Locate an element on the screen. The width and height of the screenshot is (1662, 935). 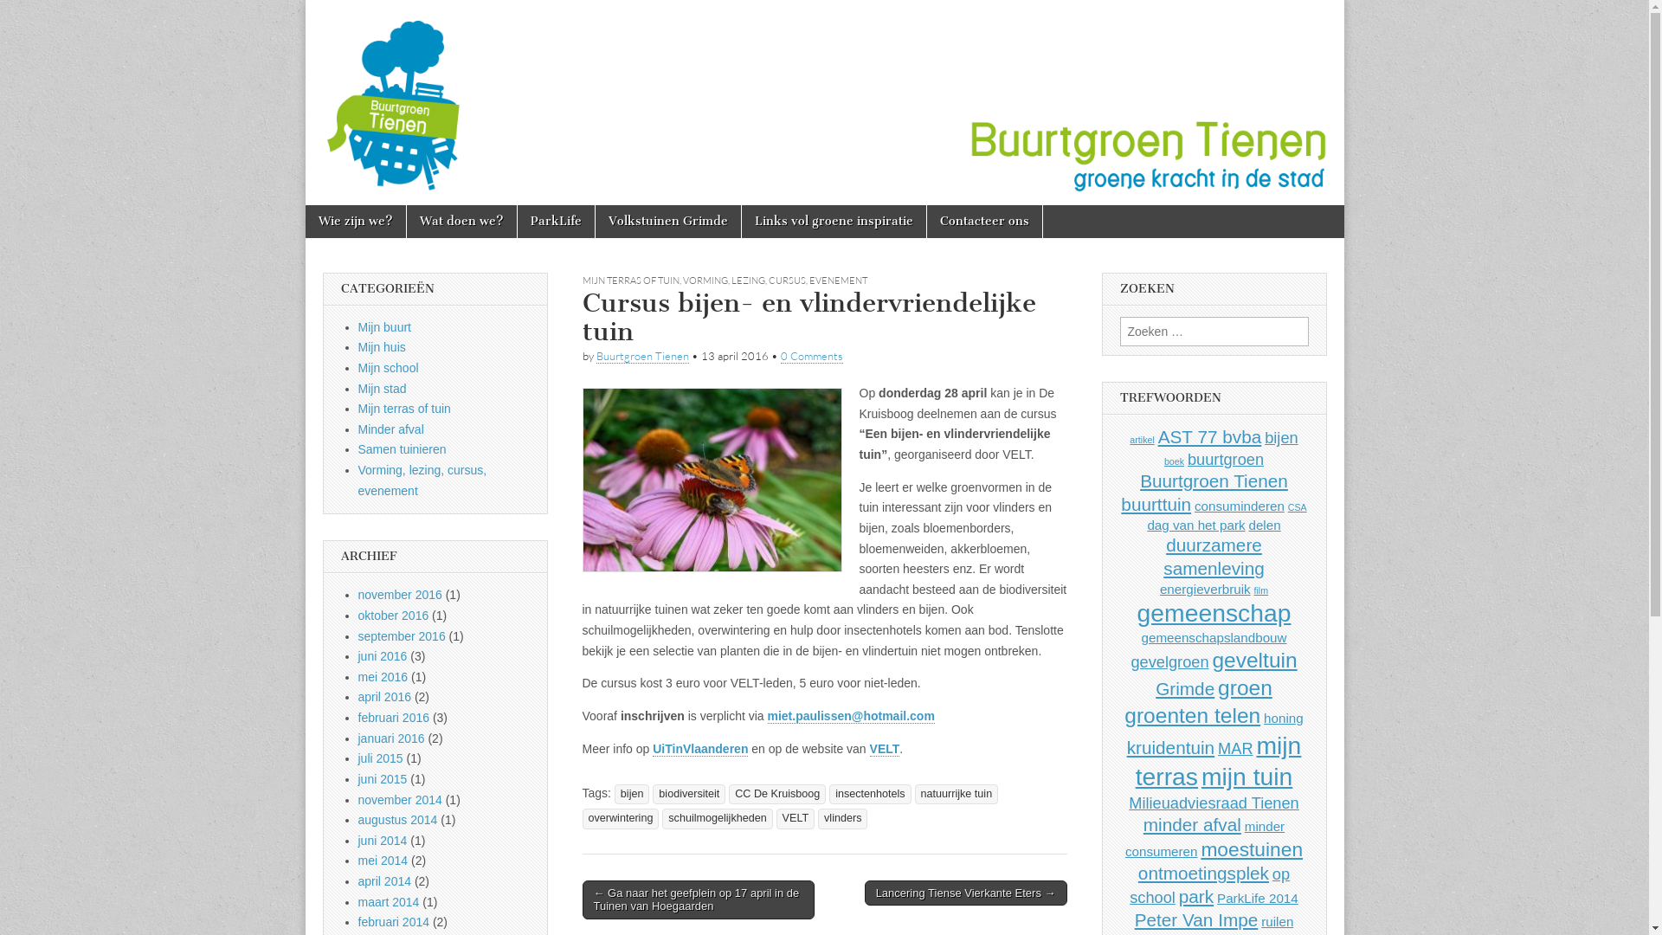
'Samen tuinieren' is located at coordinates (402, 448).